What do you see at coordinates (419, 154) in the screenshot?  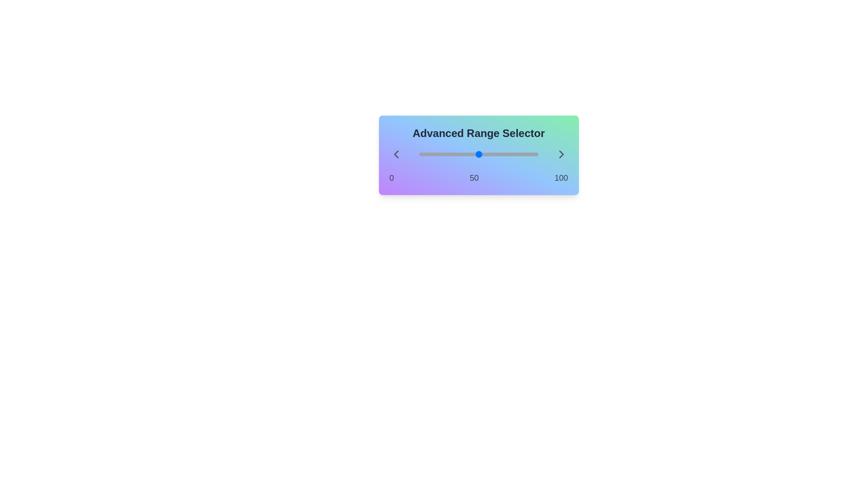 I see `the slider to set the range value to 26` at bounding box center [419, 154].